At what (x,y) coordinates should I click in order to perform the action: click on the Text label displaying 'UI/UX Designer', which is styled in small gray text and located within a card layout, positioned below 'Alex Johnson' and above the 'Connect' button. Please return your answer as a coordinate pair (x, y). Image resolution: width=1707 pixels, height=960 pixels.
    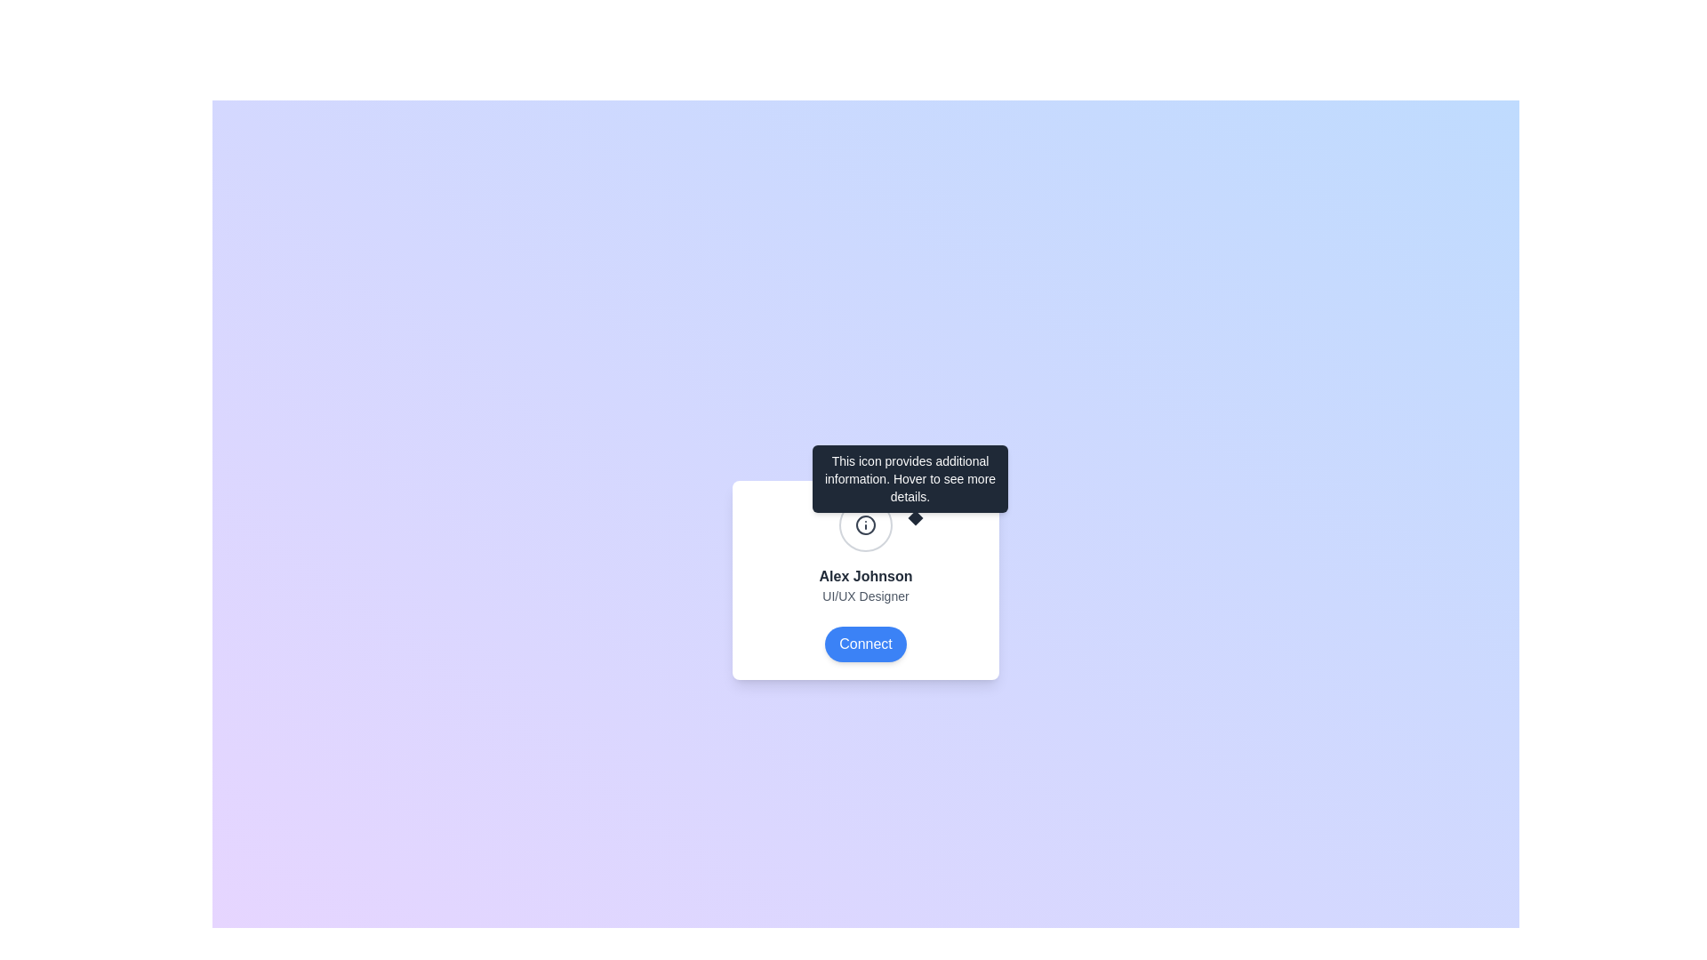
    Looking at the image, I should click on (866, 596).